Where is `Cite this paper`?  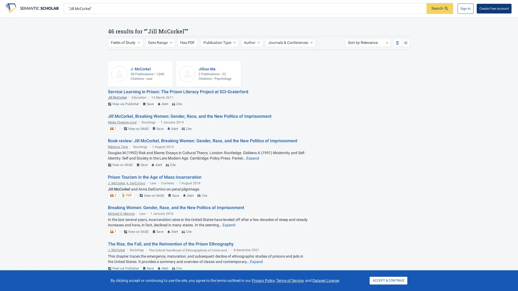
Cite this paper is located at coordinates (177, 104).